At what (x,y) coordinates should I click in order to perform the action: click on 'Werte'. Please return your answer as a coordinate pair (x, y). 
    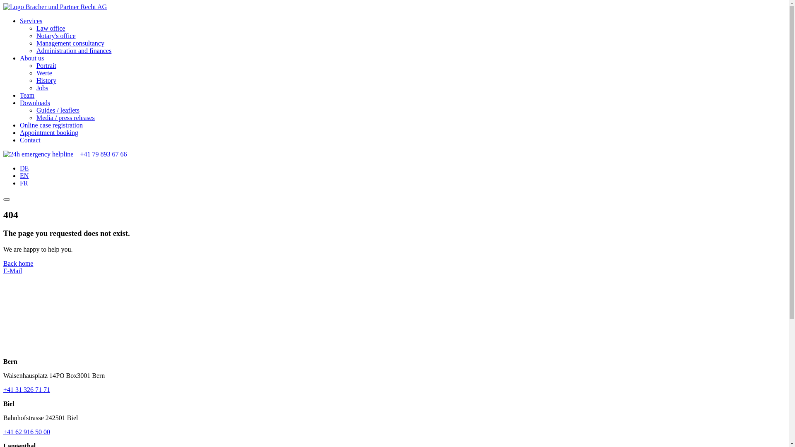
    Looking at the image, I should click on (43, 72).